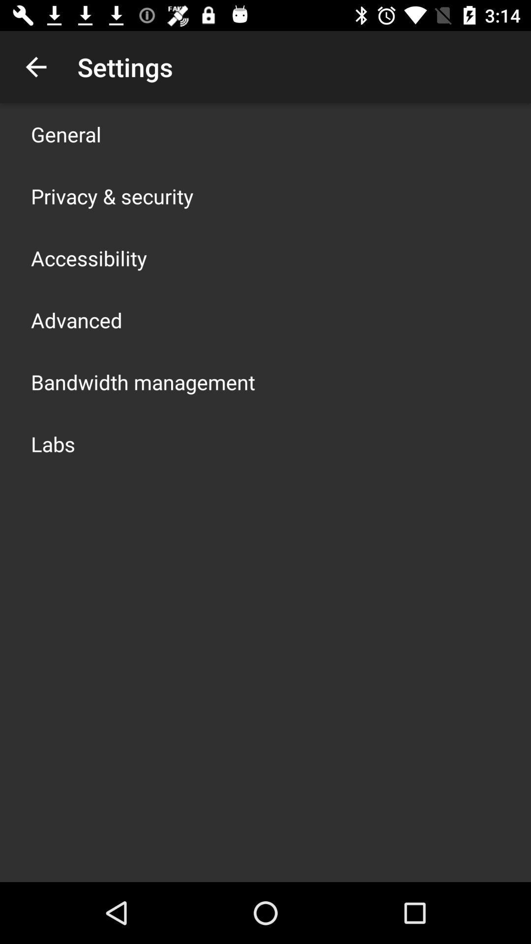 This screenshot has height=944, width=531. I want to click on labs item, so click(53, 443).